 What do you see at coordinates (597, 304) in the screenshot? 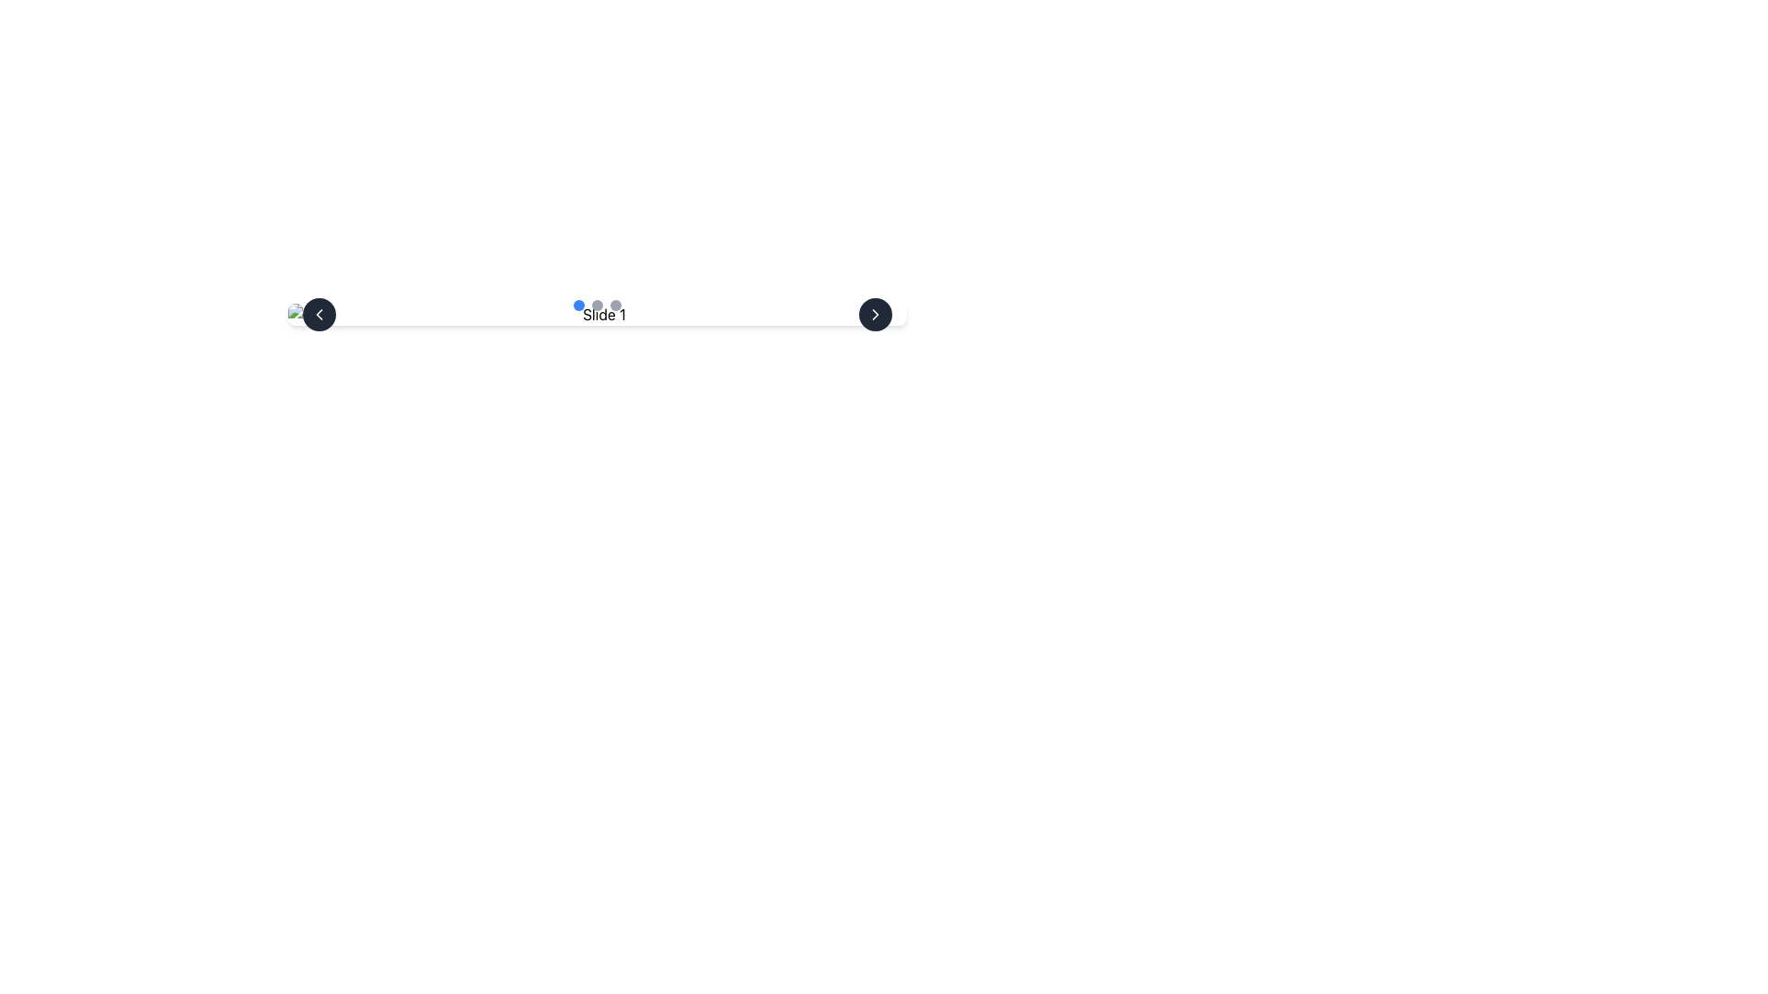
I see `the second circular indicator button in the carousel navigation, which is gray and positioned at the bottom-center of the interface` at bounding box center [597, 304].